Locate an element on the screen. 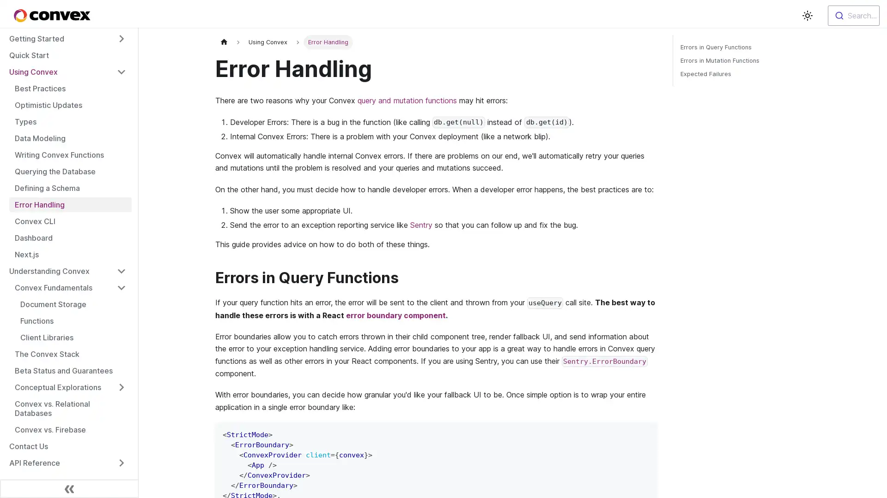  Search... is located at coordinates (853, 16).